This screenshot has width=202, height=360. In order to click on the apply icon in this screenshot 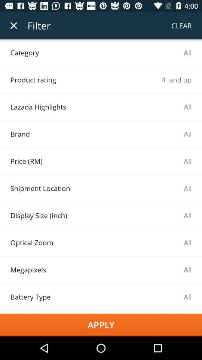, I will do `click(101, 324)`.